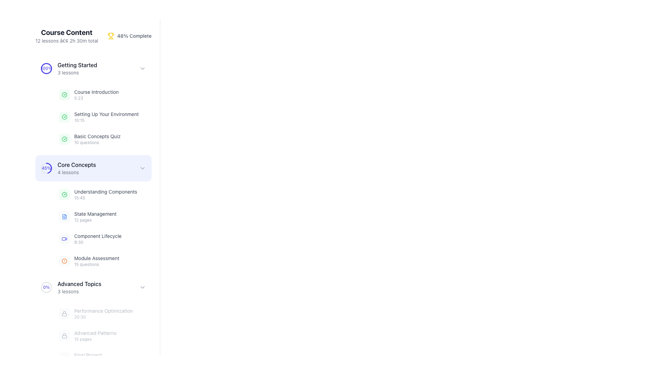  What do you see at coordinates (103, 216) in the screenshot?
I see `the 'State Management' button or clickable card using keyboard navigation` at bounding box center [103, 216].